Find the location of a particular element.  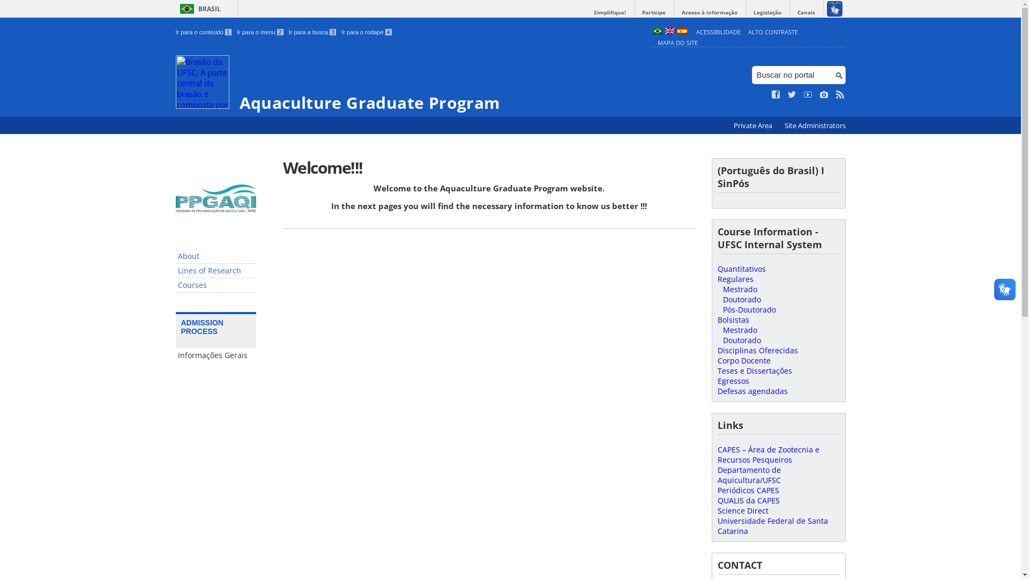

'Egressos' is located at coordinates (732, 380).